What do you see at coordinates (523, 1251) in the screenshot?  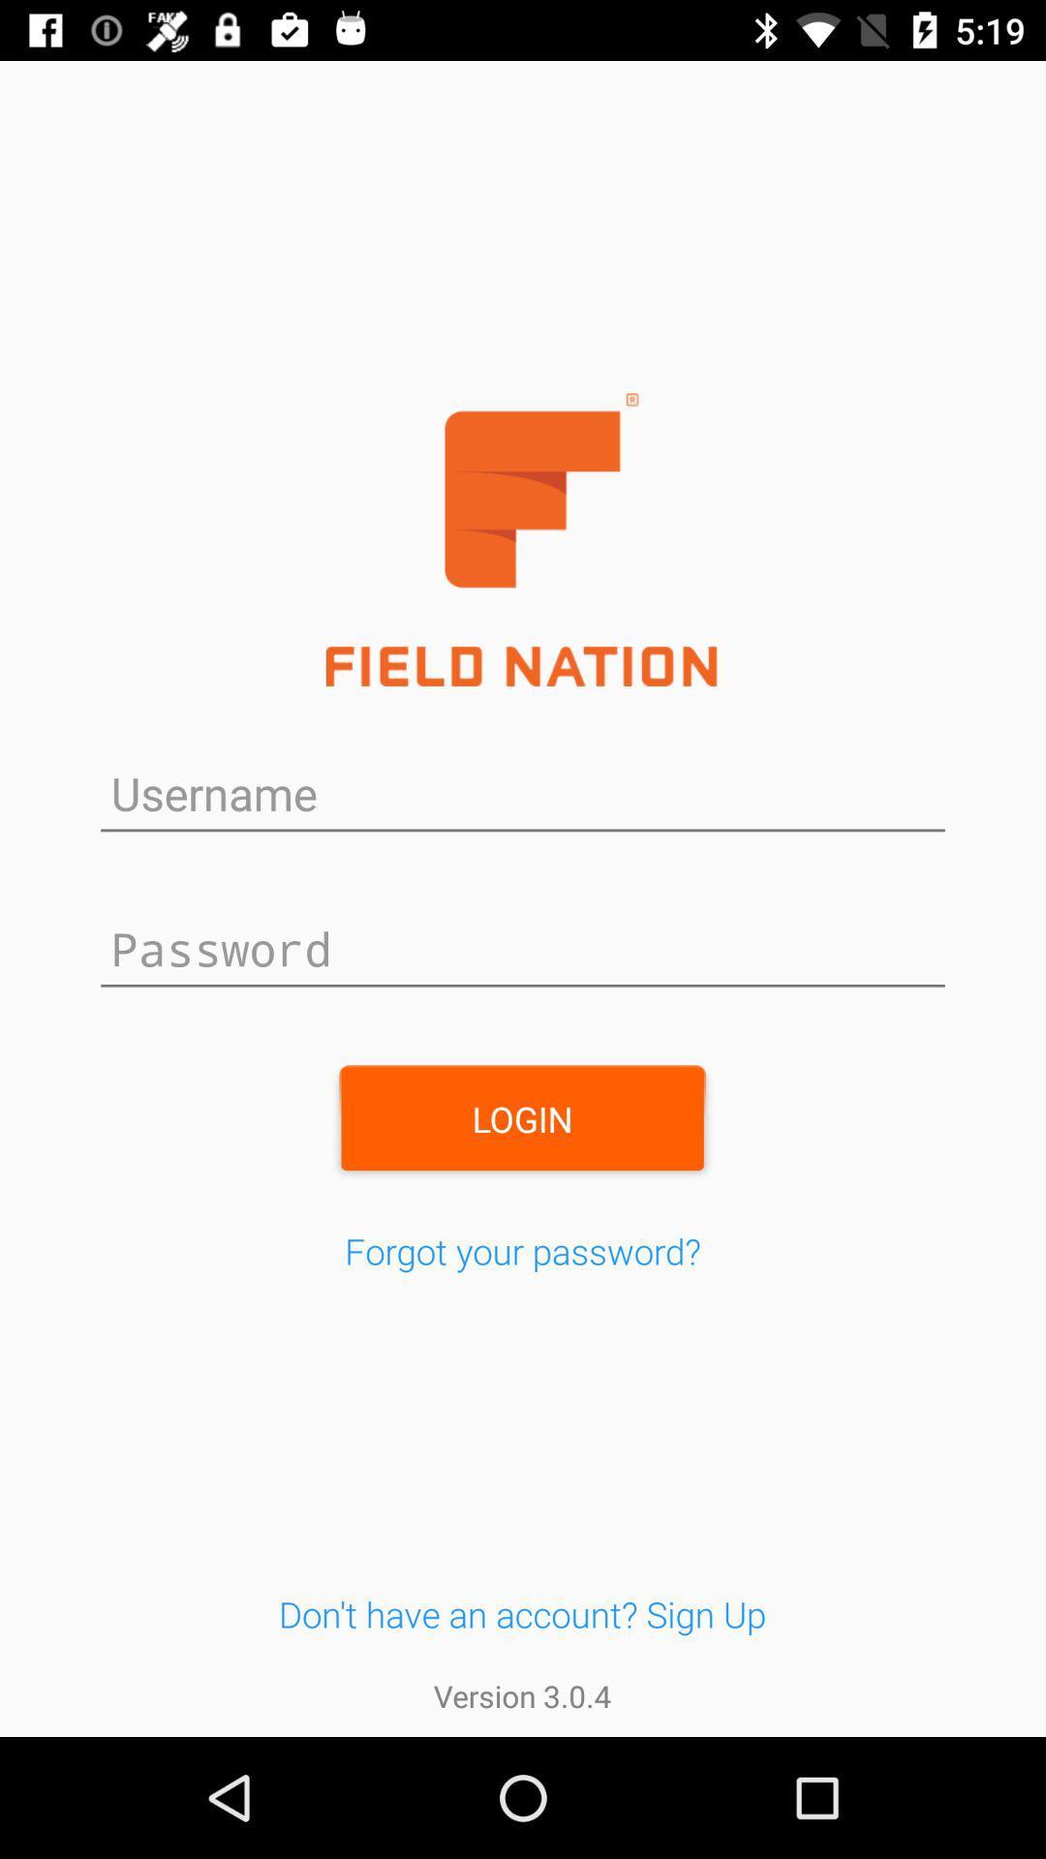 I see `forgot your password? item` at bounding box center [523, 1251].